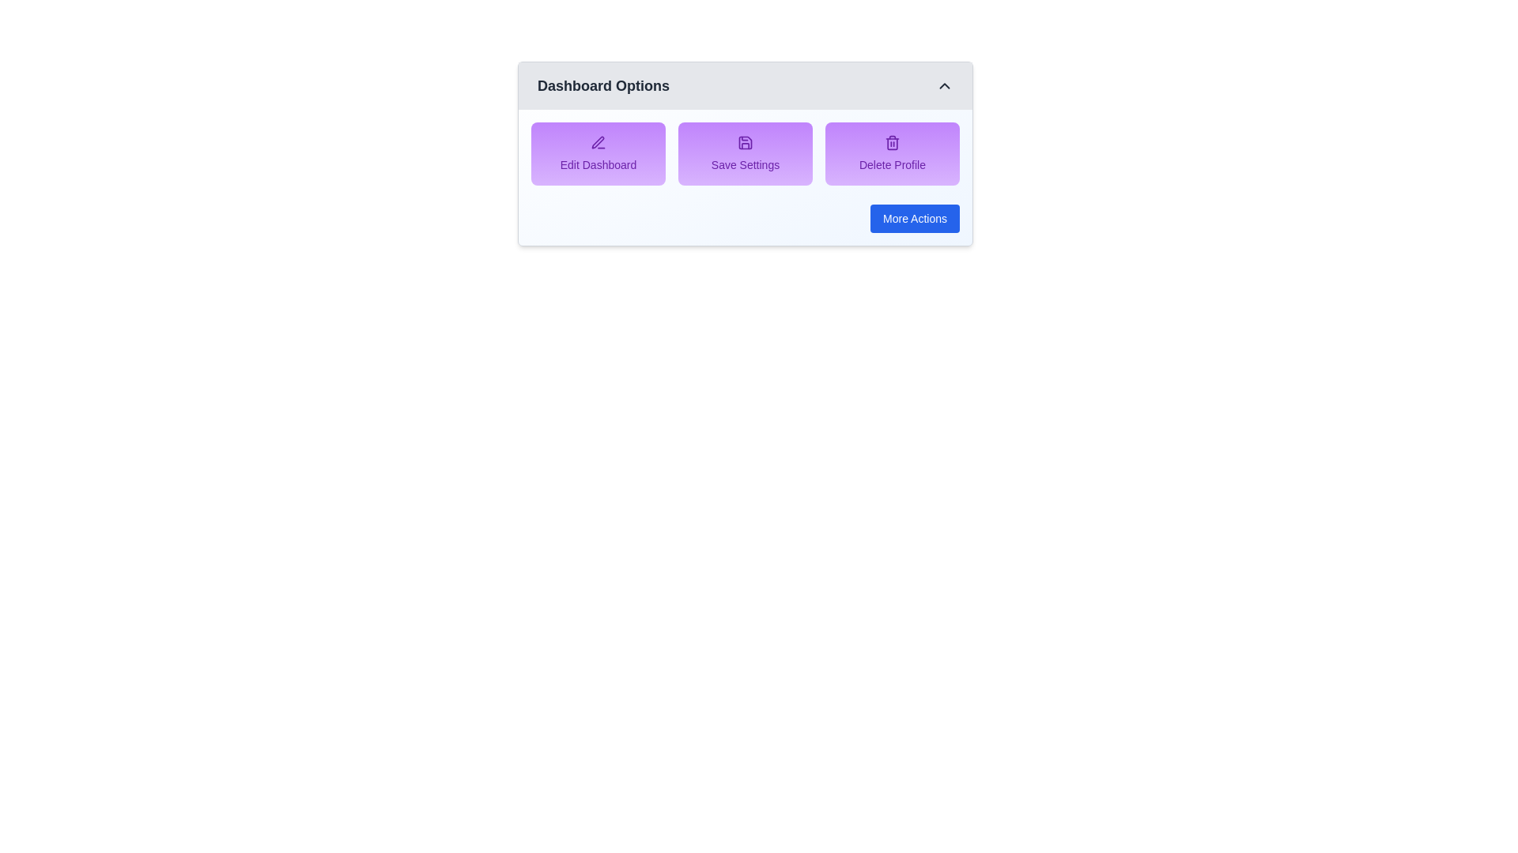 This screenshot has width=1518, height=853. I want to click on the 'Save Settings' option in the menu, so click(744, 154).